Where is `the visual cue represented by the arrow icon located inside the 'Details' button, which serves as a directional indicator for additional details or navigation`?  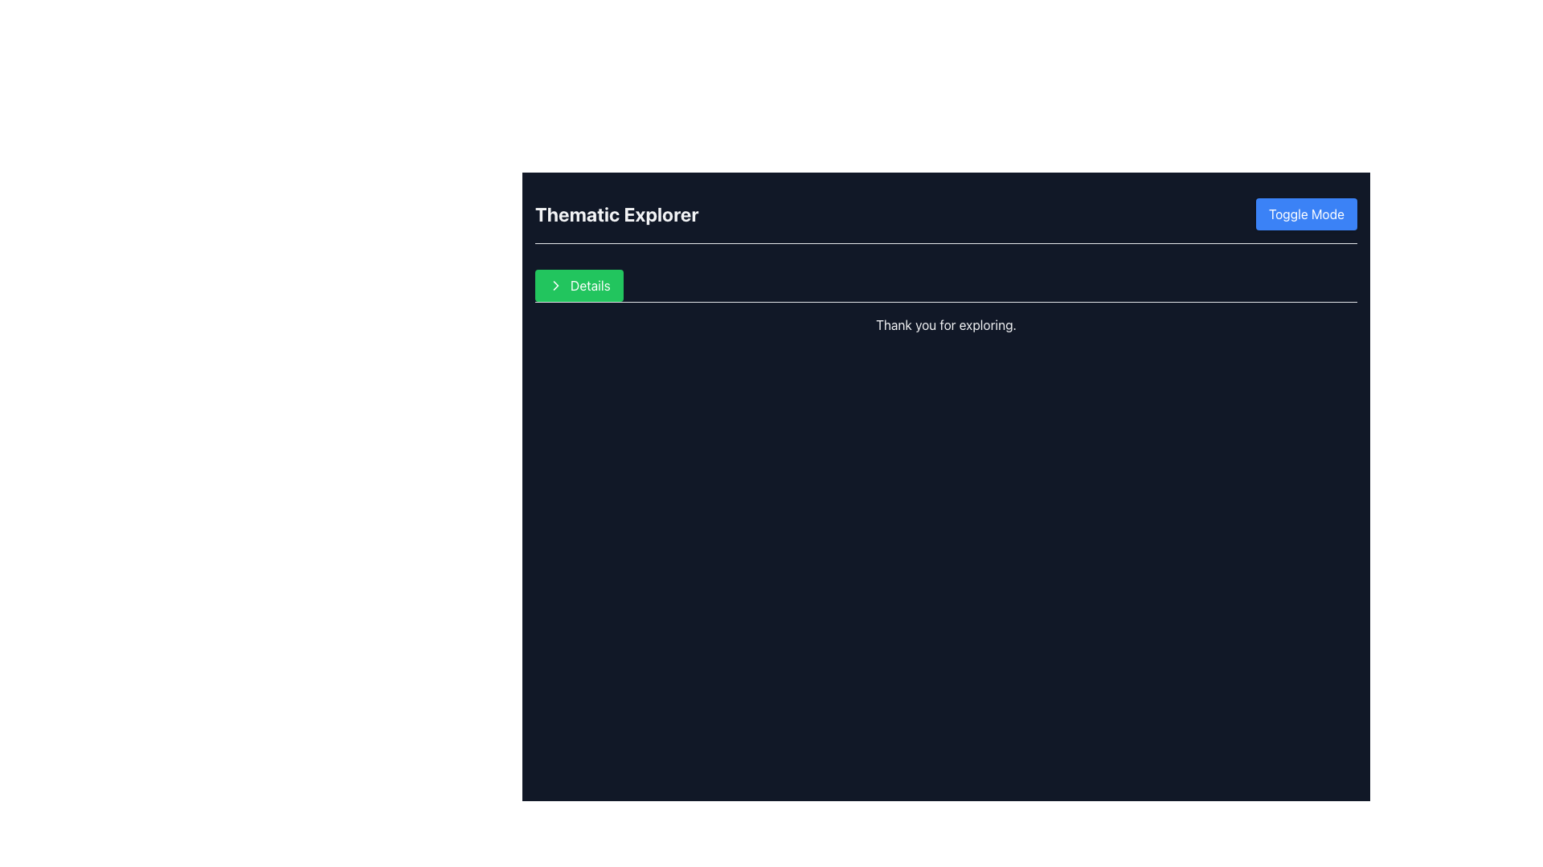
the visual cue represented by the arrow icon located inside the 'Details' button, which serves as a directional indicator for additional details or navigation is located at coordinates (555, 284).